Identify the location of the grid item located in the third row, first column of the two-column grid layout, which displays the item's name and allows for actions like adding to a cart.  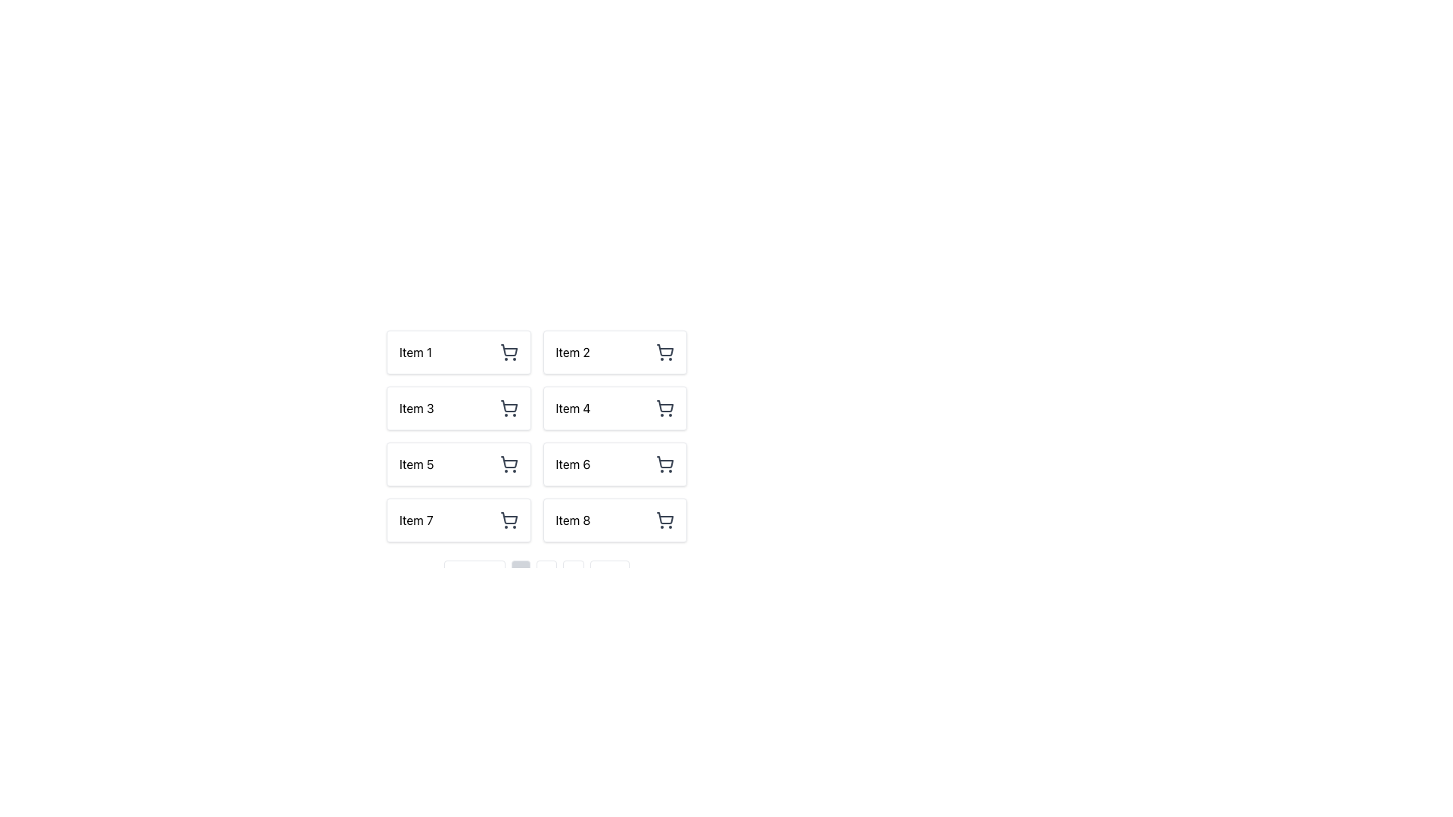
(458, 463).